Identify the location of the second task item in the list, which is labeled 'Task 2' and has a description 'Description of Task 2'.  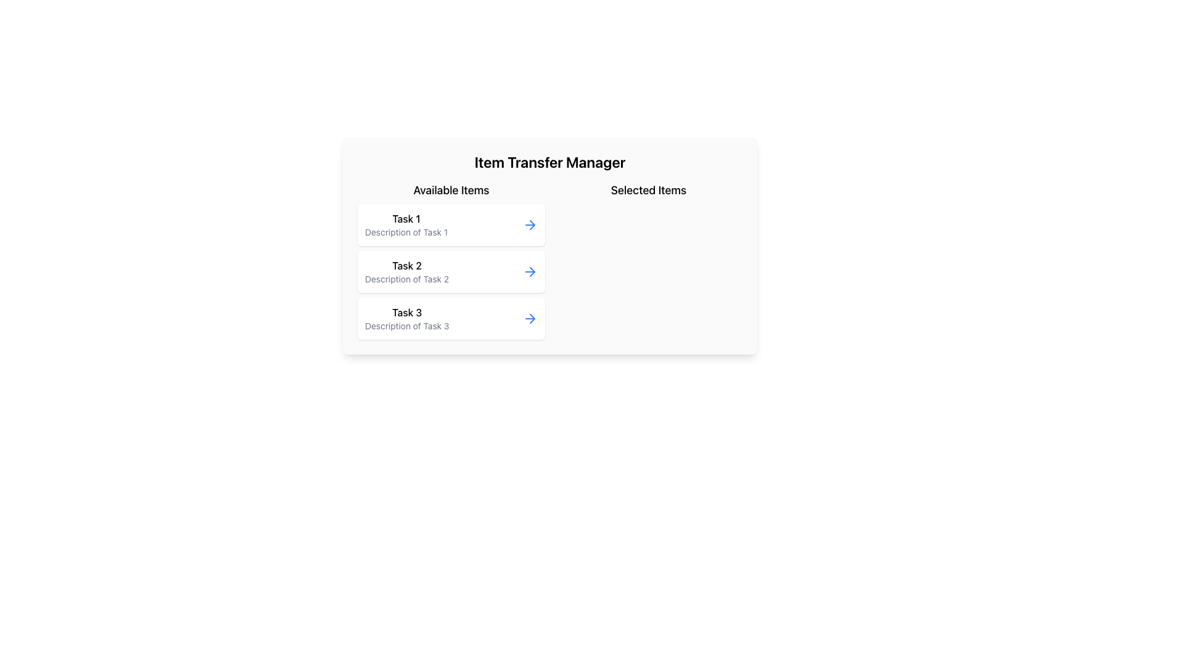
(407, 271).